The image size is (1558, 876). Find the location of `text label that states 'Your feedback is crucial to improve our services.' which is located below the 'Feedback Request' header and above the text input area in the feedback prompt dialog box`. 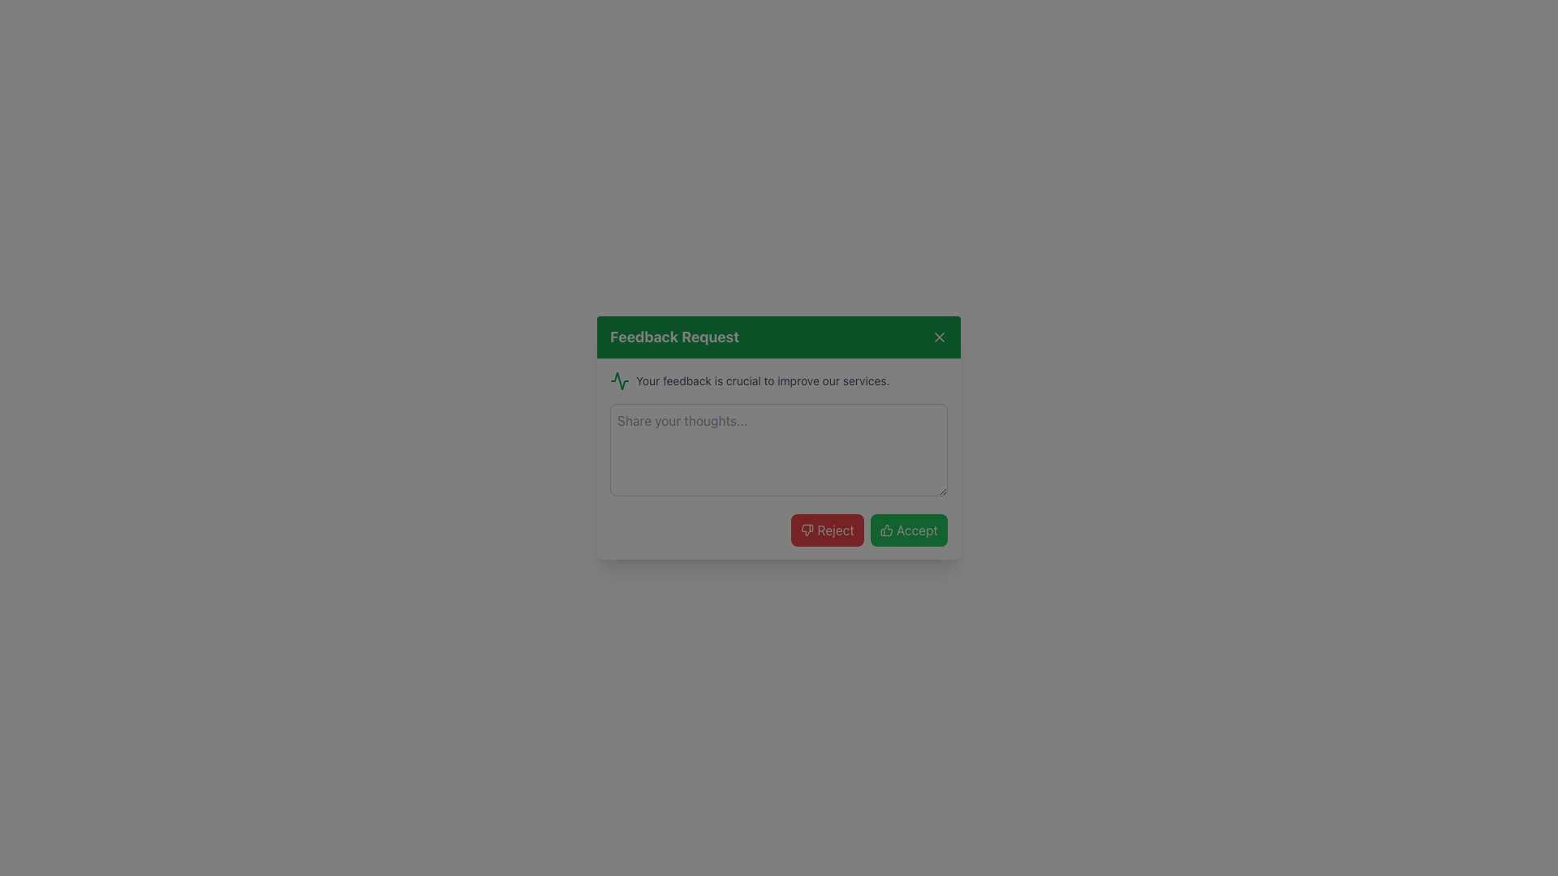

text label that states 'Your feedback is crucial to improve our services.' which is located below the 'Feedback Request' header and above the text input area in the feedback prompt dialog box is located at coordinates (762, 381).